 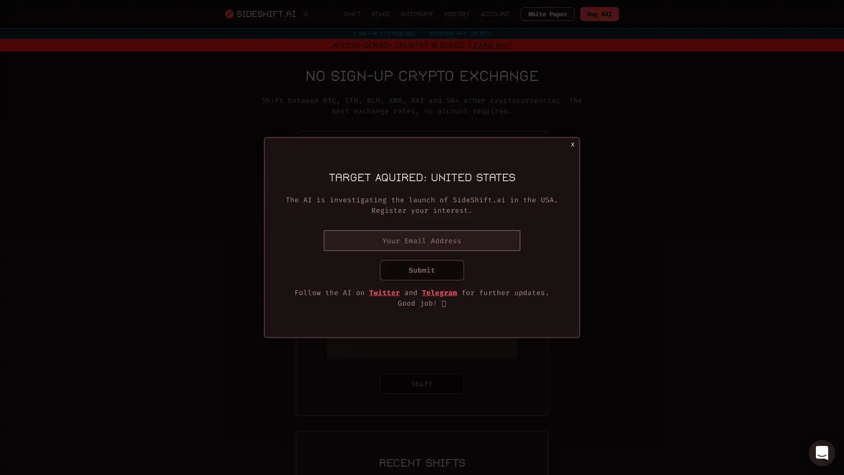 I want to click on You receive ETH, so click(x=475, y=236).